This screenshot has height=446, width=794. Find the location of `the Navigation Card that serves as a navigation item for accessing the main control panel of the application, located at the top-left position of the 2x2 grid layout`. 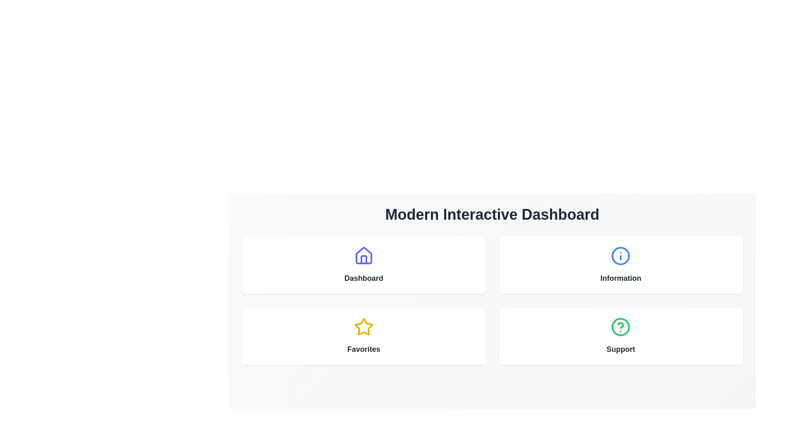

the Navigation Card that serves as a navigation item for accessing the main control panel of the application, located at the top-left position of the 2x2 grid layout is located at coordinates (364, 265).